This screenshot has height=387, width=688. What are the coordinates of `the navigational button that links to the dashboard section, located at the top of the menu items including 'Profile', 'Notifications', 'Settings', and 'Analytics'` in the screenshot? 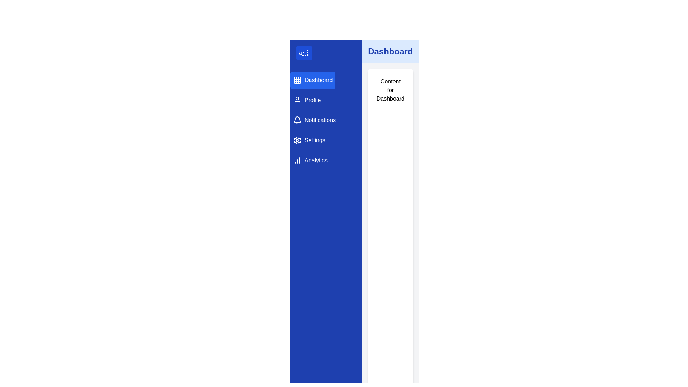 It's located at (313, 80).